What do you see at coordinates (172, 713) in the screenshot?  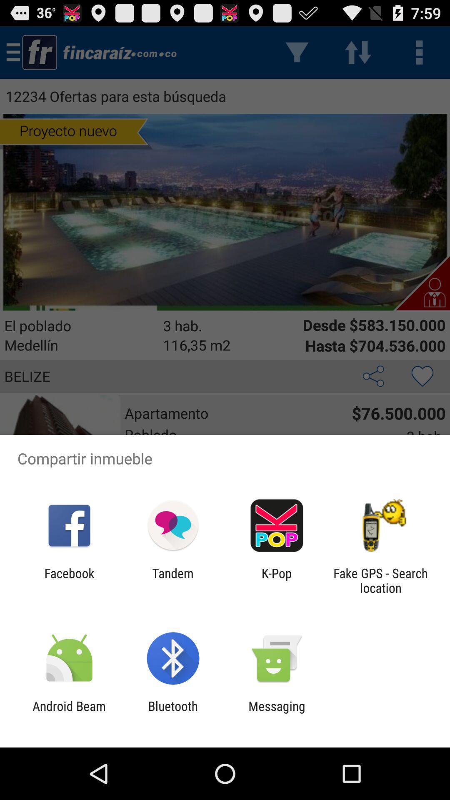 I see `icon to the left of messaging` at bounding box center [172, 713].